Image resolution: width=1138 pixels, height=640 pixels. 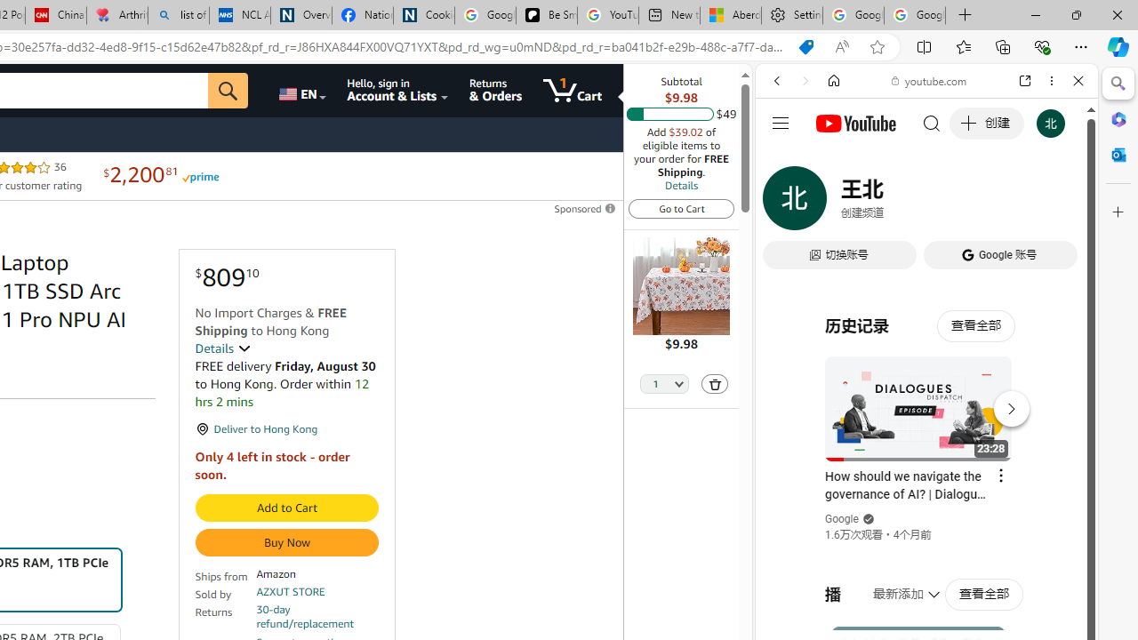 What do you see at coordinates (116, 15) in the screenshot?
I see `'Arthritis: Ask Health Professionals'` at bounding box center [116, 15].